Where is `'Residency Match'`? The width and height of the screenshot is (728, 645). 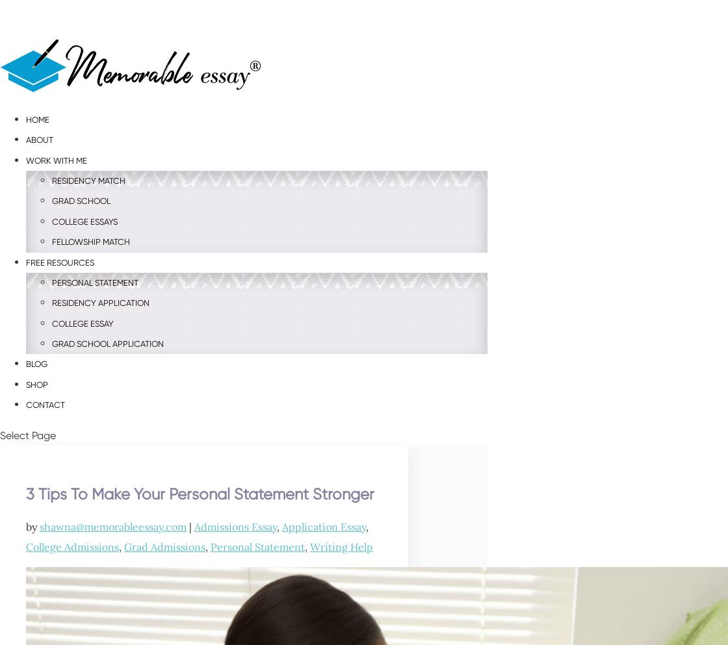 'Residency Match' is located at coordinates (88, 180).